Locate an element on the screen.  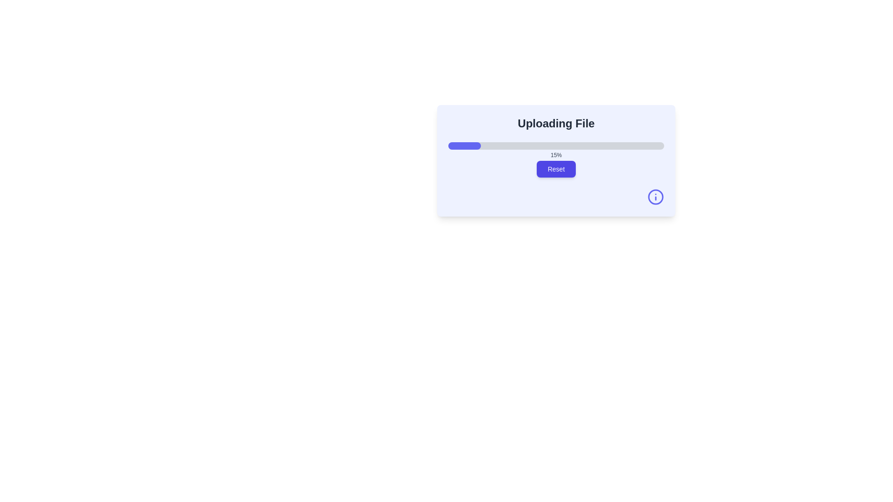
the circular information icon with a blue outline and a centered 'i' symbol located at the bottom-right corner of the card layout is located at coordinates (655, 197).